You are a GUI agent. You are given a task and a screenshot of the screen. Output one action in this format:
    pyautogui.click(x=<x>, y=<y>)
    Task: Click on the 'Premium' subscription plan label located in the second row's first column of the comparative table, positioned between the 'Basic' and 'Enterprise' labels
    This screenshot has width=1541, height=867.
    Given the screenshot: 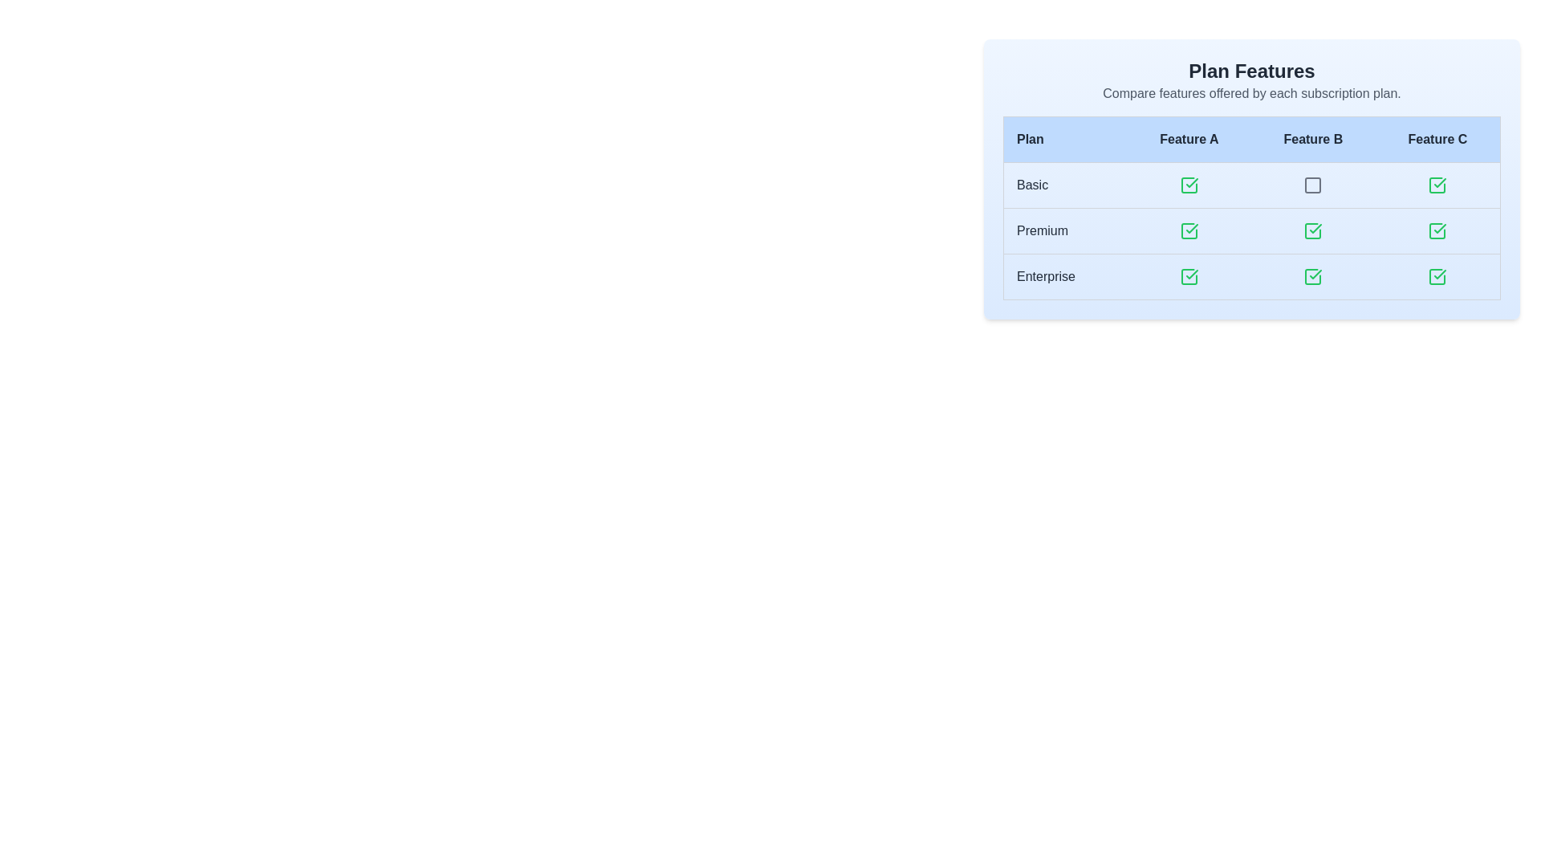 What is the action you would take?
    pyautogui.click(x=1065, y=231)
    